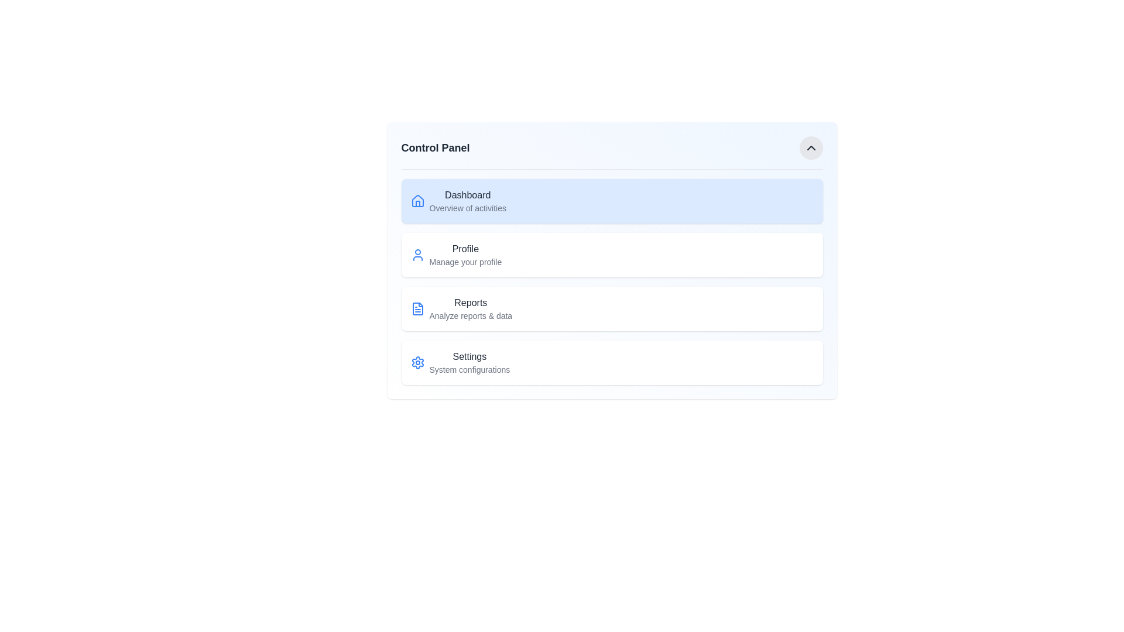 This screenshot has width=1124, height=632. What do you see at coordinates (611, 260) in the screenshot?
I see `the navigation menu panel` at bounding box center [611, 260].